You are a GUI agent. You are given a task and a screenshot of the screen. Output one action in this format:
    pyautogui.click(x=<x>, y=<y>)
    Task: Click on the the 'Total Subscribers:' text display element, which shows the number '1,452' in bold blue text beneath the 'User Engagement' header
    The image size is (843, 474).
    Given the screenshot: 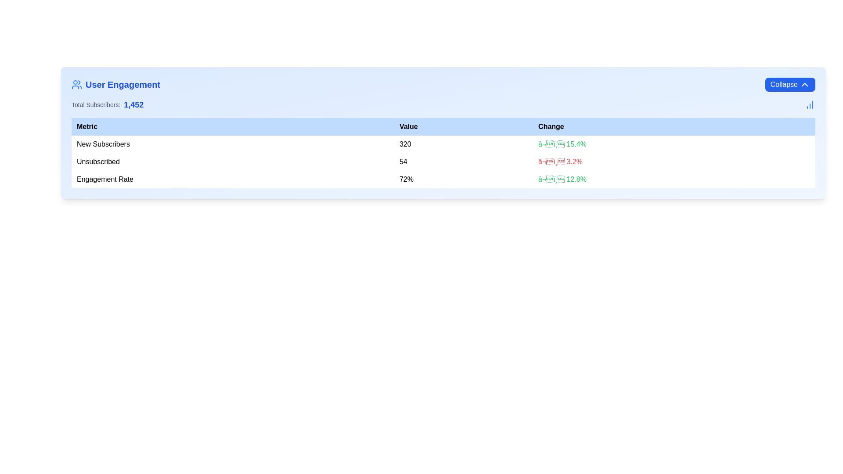 What is the action you would take?
    pyautogui.click(x=107, y=104)
    